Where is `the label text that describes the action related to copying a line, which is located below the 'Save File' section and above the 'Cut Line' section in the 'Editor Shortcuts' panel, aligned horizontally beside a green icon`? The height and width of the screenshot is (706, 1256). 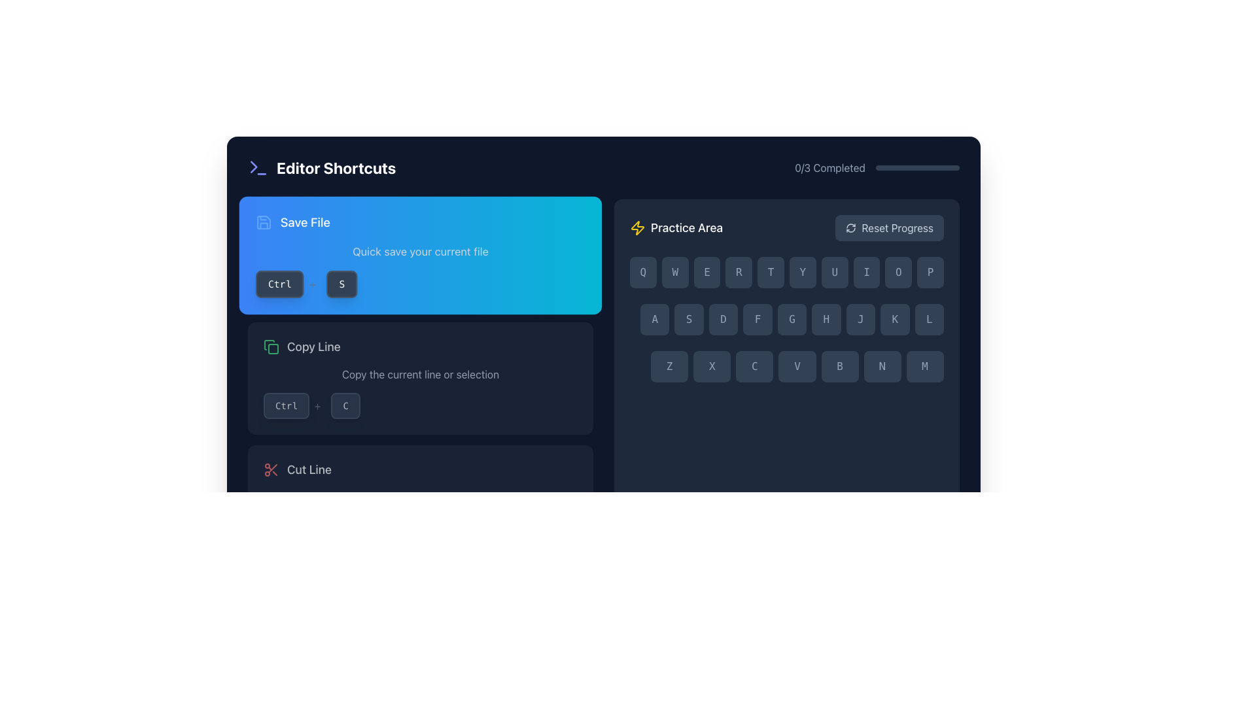 the label text that describes the action related to copying a line, which is located below the 'Save File' section and above the 'Cut Line' section in the 'Editor Shortcuts' panel, aligned horizontally beside a green icon is located at coordinates (313, 346).